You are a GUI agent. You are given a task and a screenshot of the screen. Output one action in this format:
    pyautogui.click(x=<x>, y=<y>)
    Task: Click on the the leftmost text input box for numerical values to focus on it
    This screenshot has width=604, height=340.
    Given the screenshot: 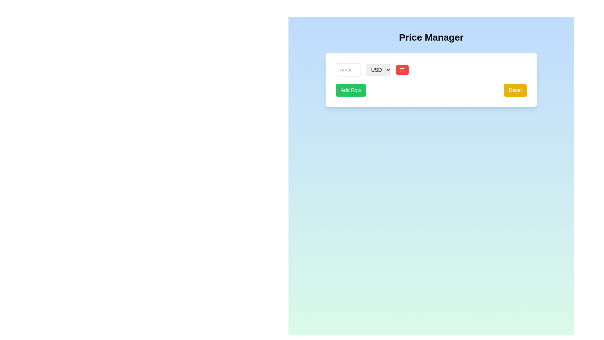 What is the action you would take?
    pyautogui.click(x=348, y=70)
    